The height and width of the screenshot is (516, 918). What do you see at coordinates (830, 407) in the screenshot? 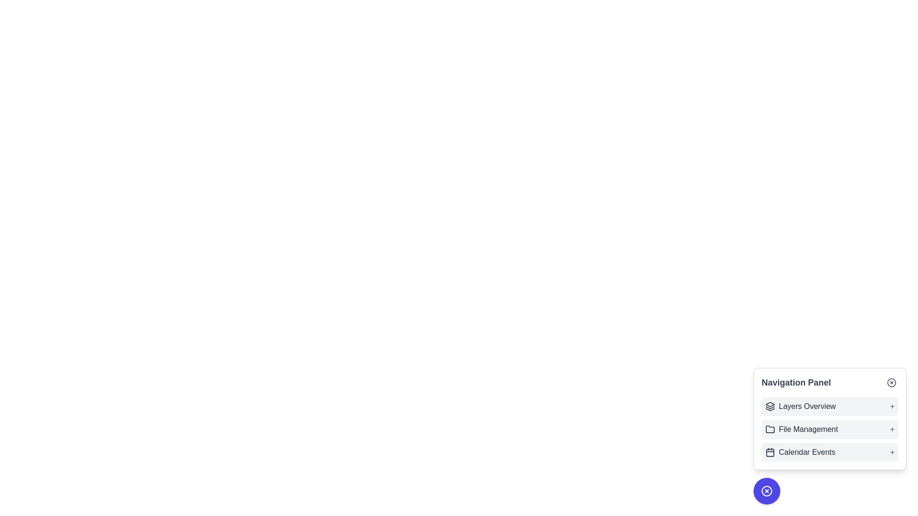
I see `the first navigational entry in the vertical list` at bounding box center [830, 407].